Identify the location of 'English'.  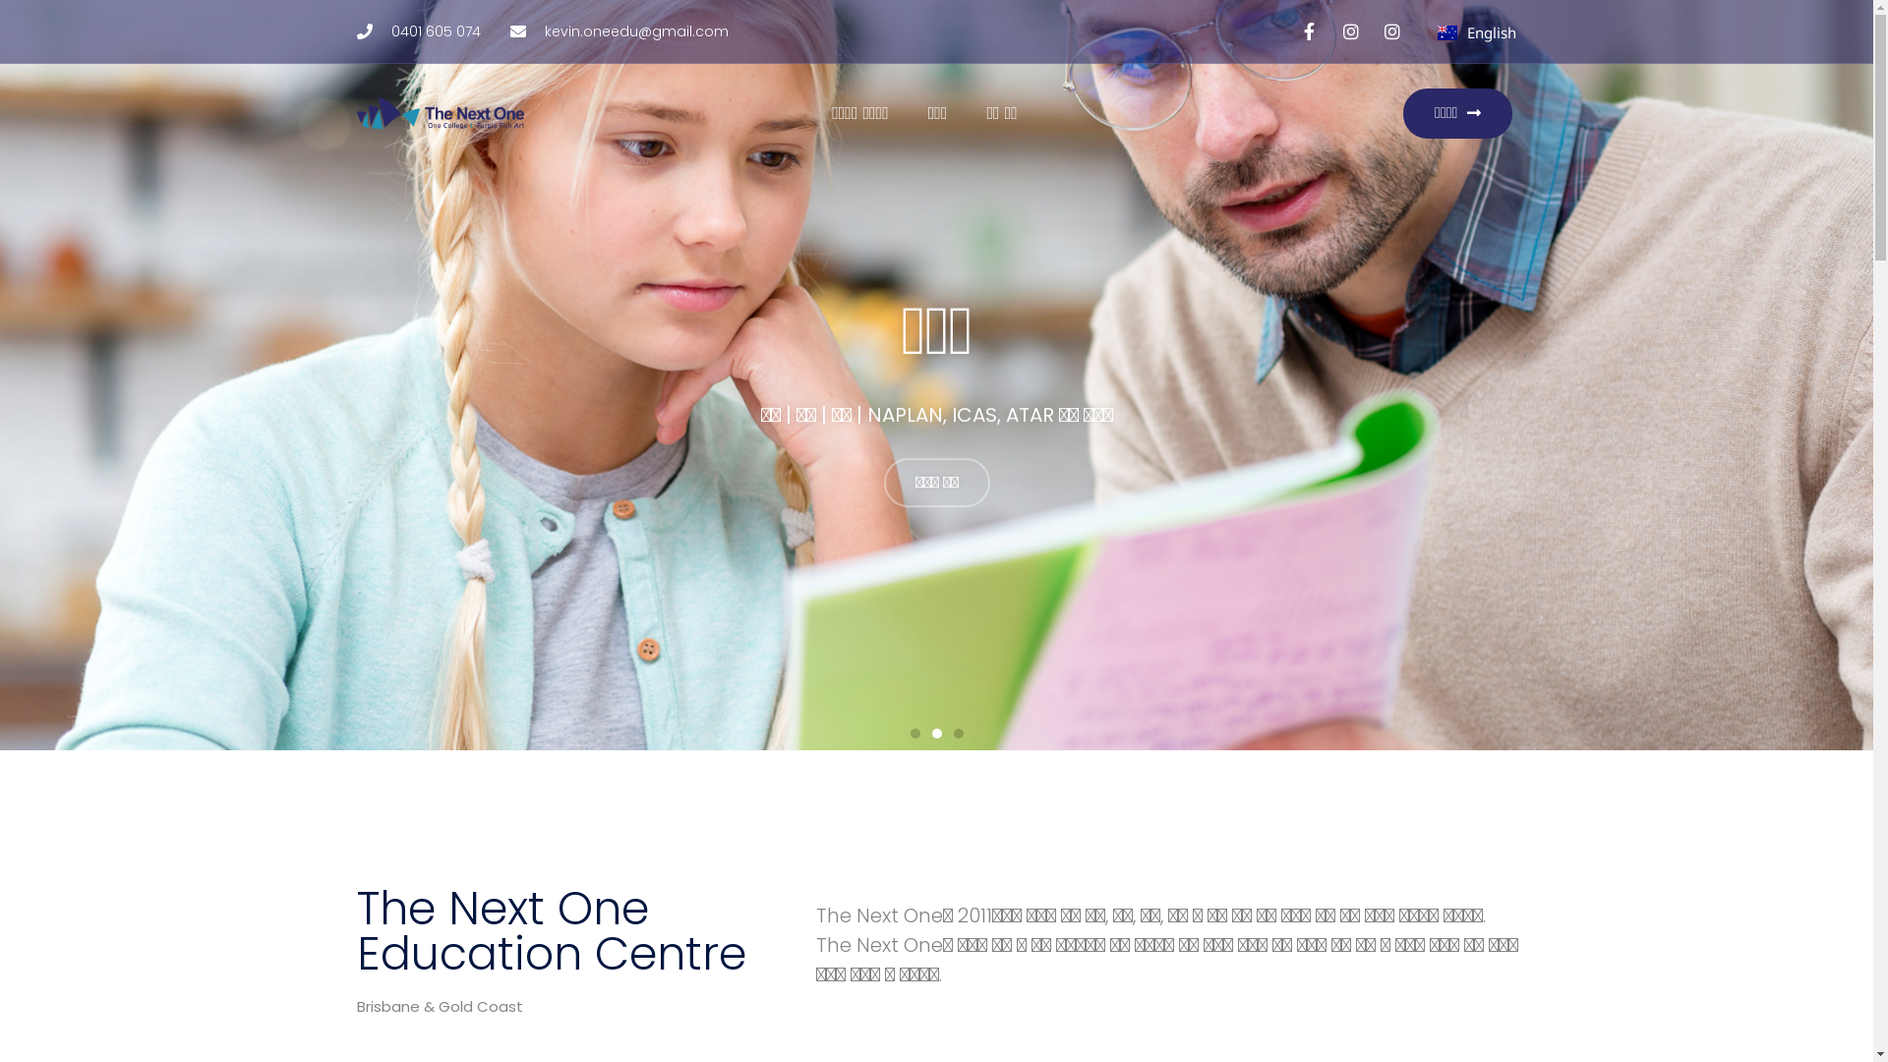
(1477, 32).